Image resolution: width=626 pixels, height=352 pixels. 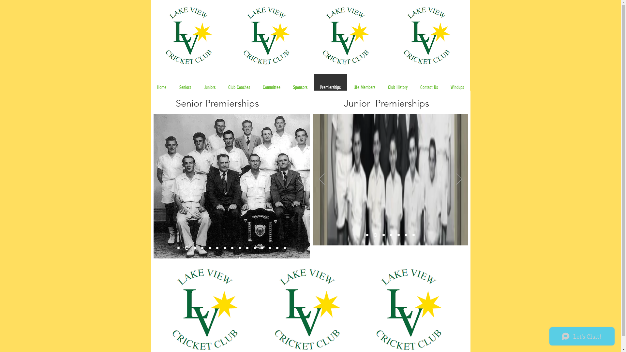 What do you see at coordinates (185, 87) in the screenshot?
I see `'Seniors'` at bounding box center [185, 87].